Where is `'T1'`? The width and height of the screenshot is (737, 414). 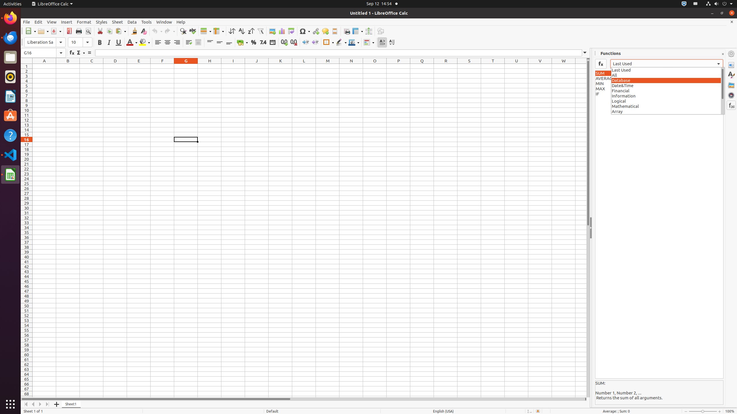
'T1' is located at coordinates (493, 66).